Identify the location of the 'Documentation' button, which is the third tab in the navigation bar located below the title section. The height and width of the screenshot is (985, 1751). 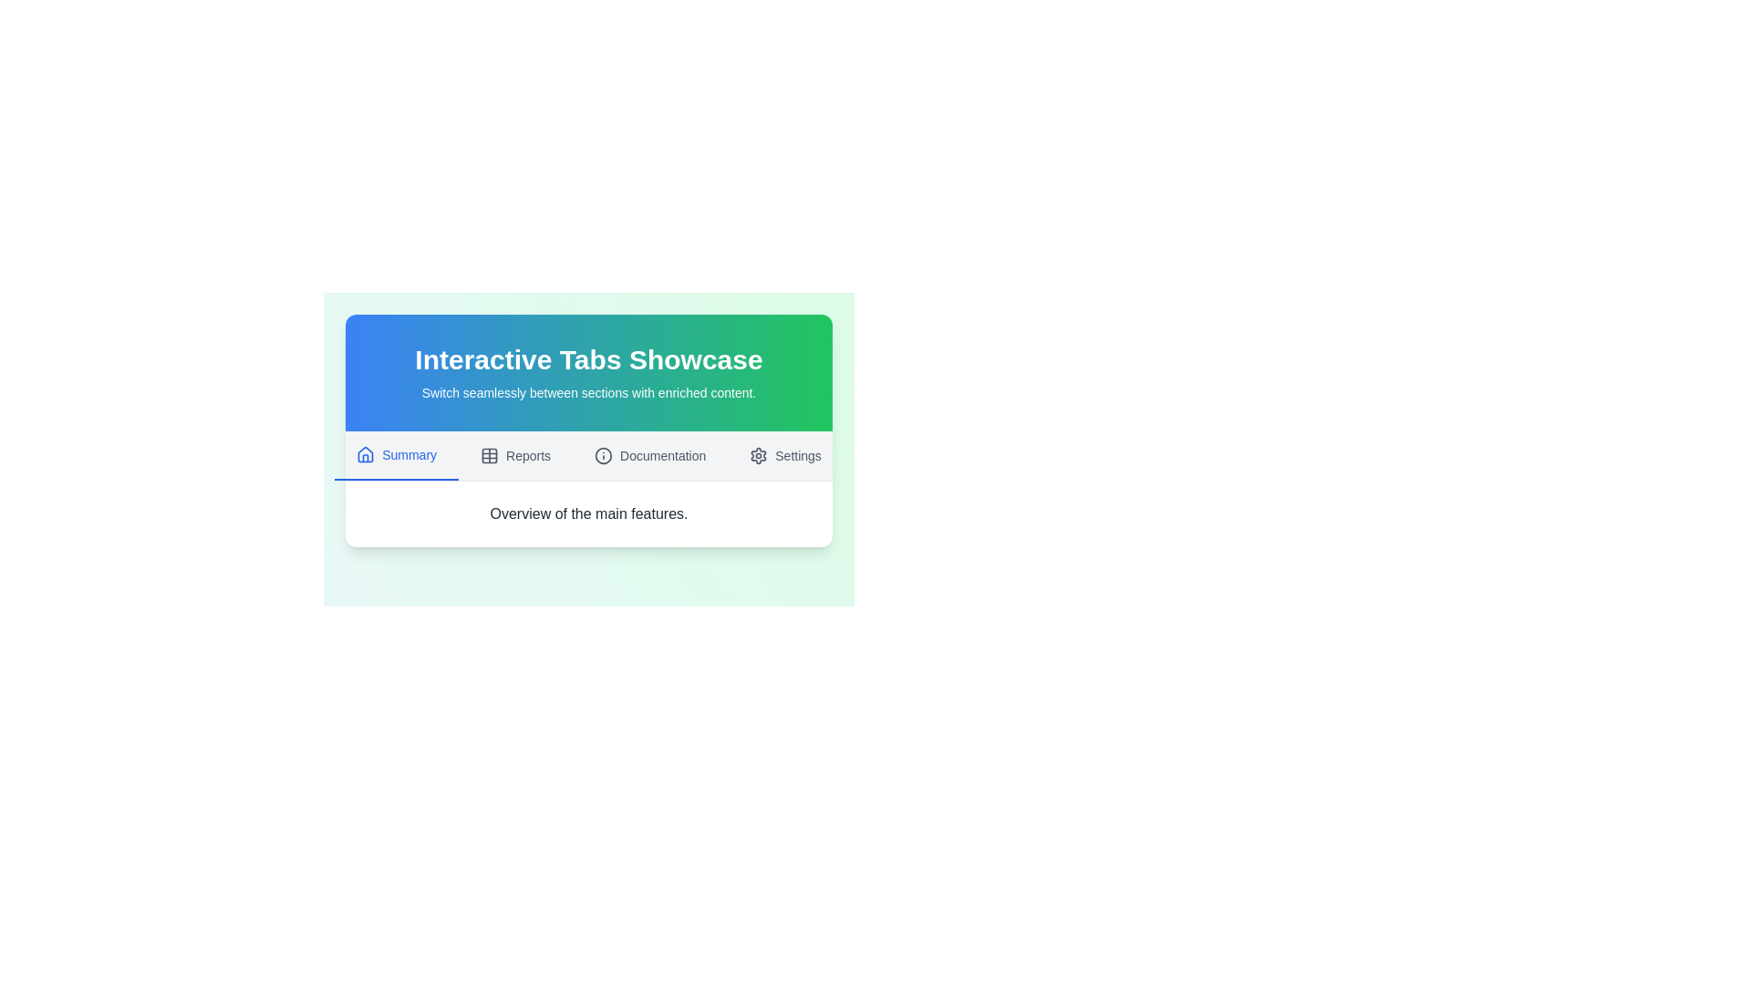
(650, 455).